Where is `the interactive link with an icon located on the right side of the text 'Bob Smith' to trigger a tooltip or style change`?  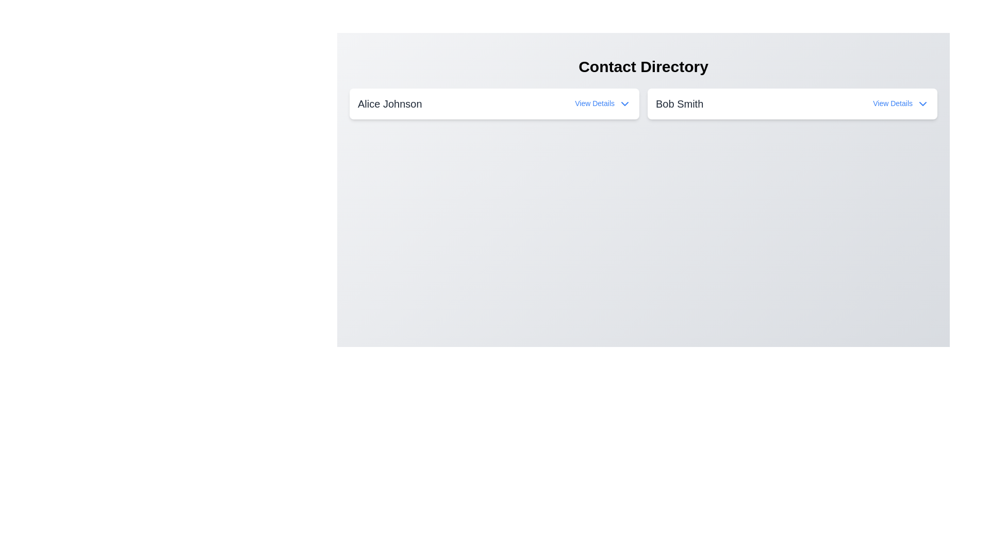 the interactive link with an icon located on the right side of the text 'Bob Smith' to trigger a tooltip or style change is located at coordinates (900, 103).